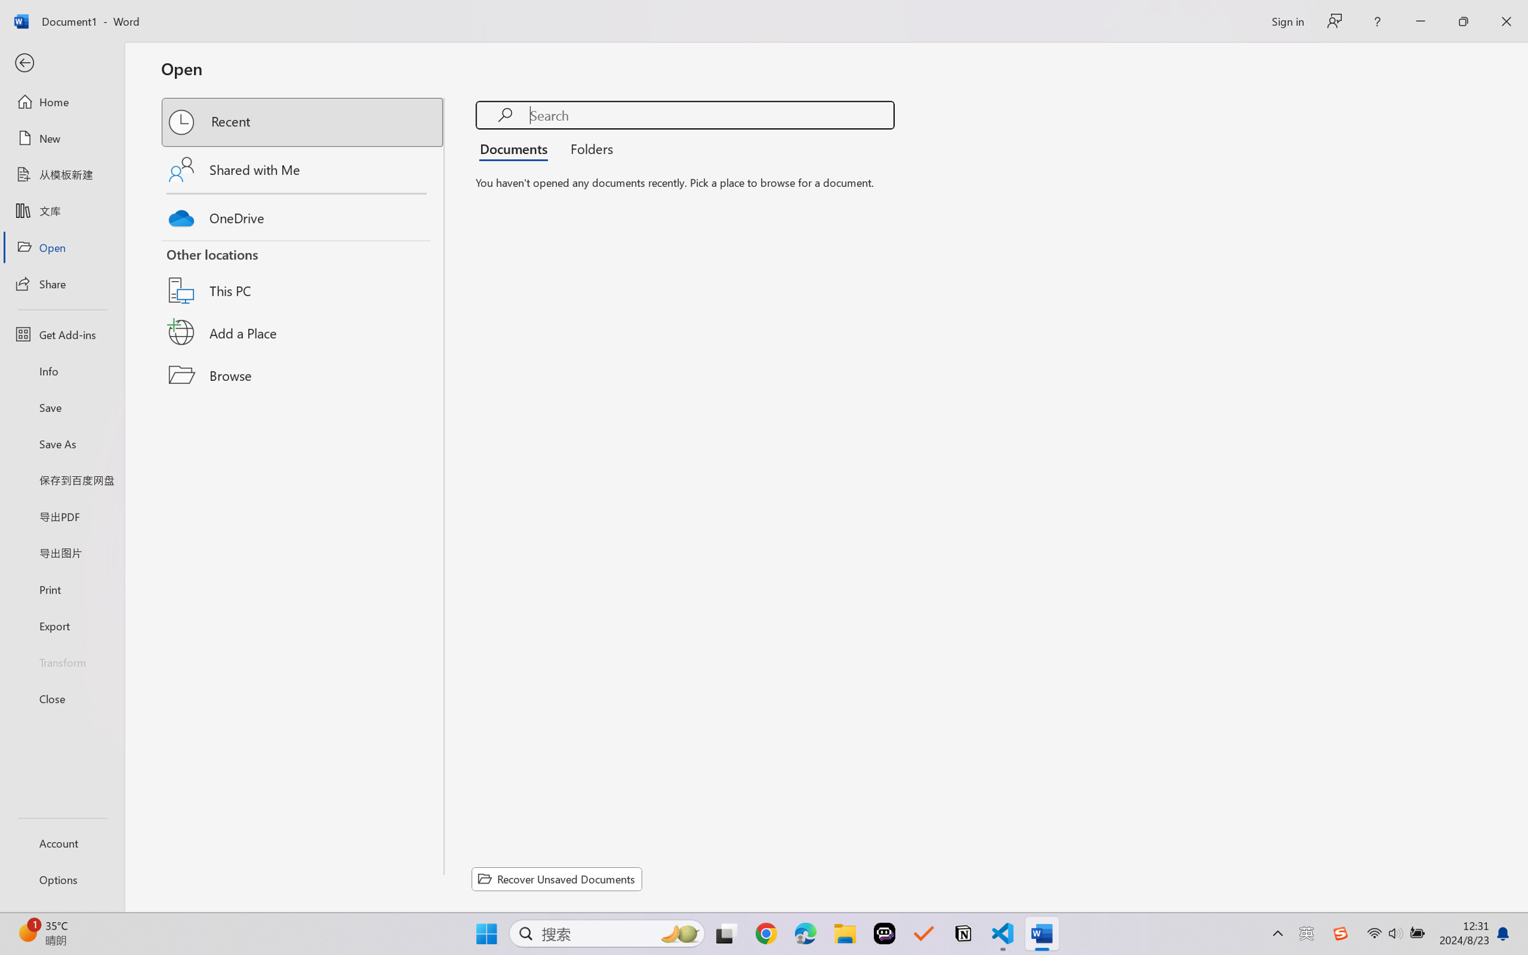 Image resolution: width=1528 pixels, height=955 pixels. What do you see at coordinates (588, 147) in the screenshot?
I see `'Folders'` at bounding box center [588, 147].